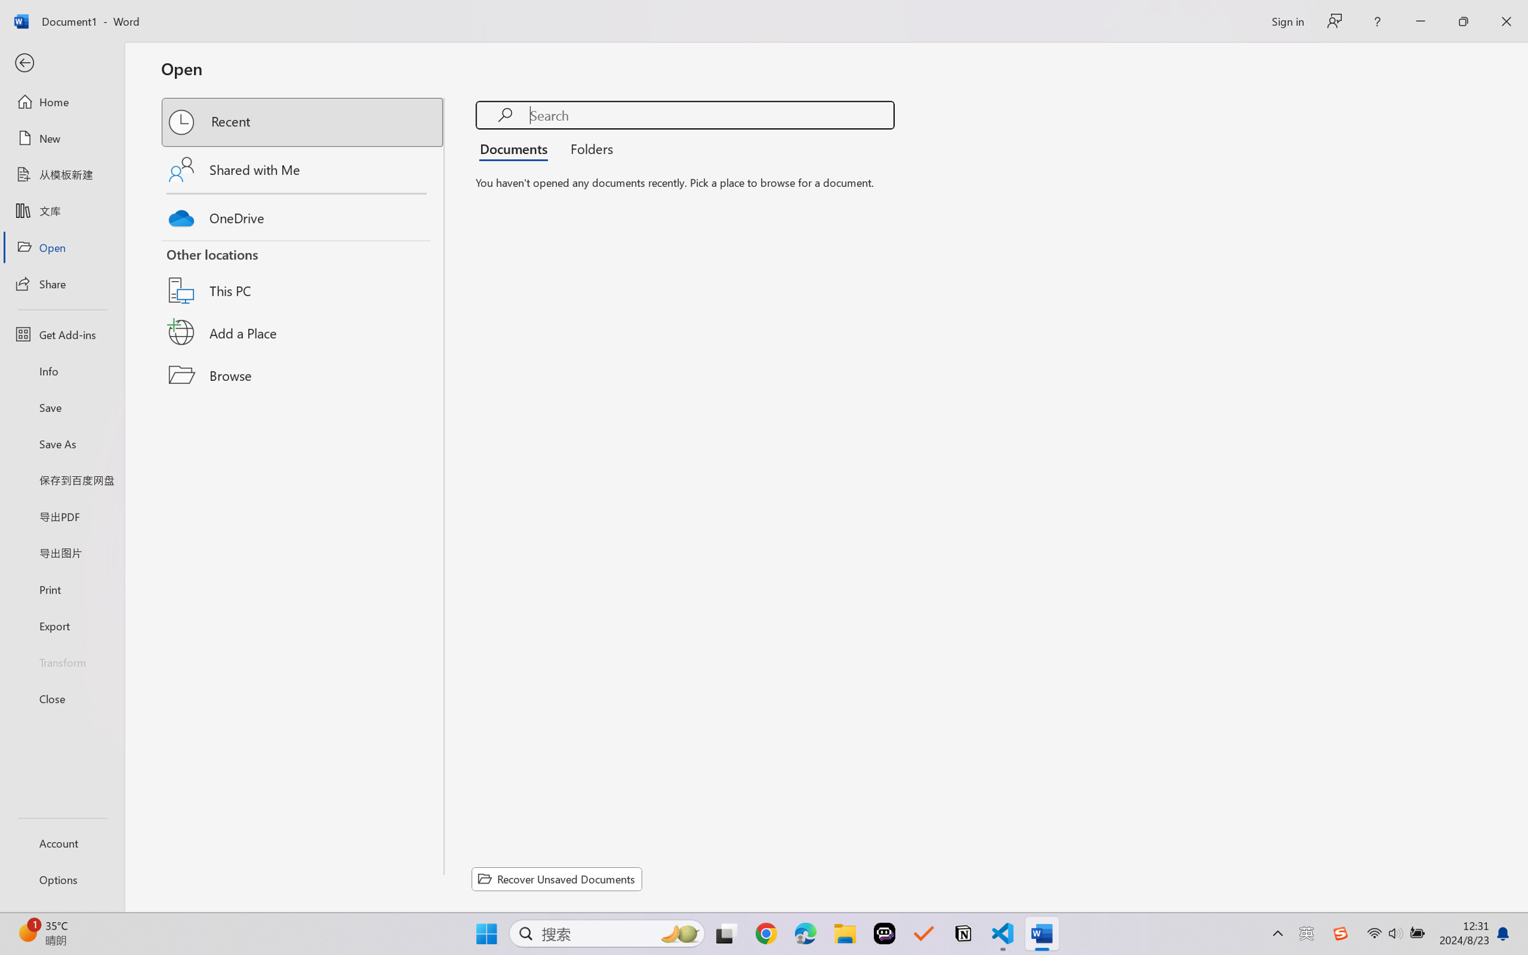 Image resolution: width=1528 pixels, height=955 pixels. What do you see at coordinates (588, 147) in the screenshot?
I see `'Folders'` at bounding box center [588, 147].